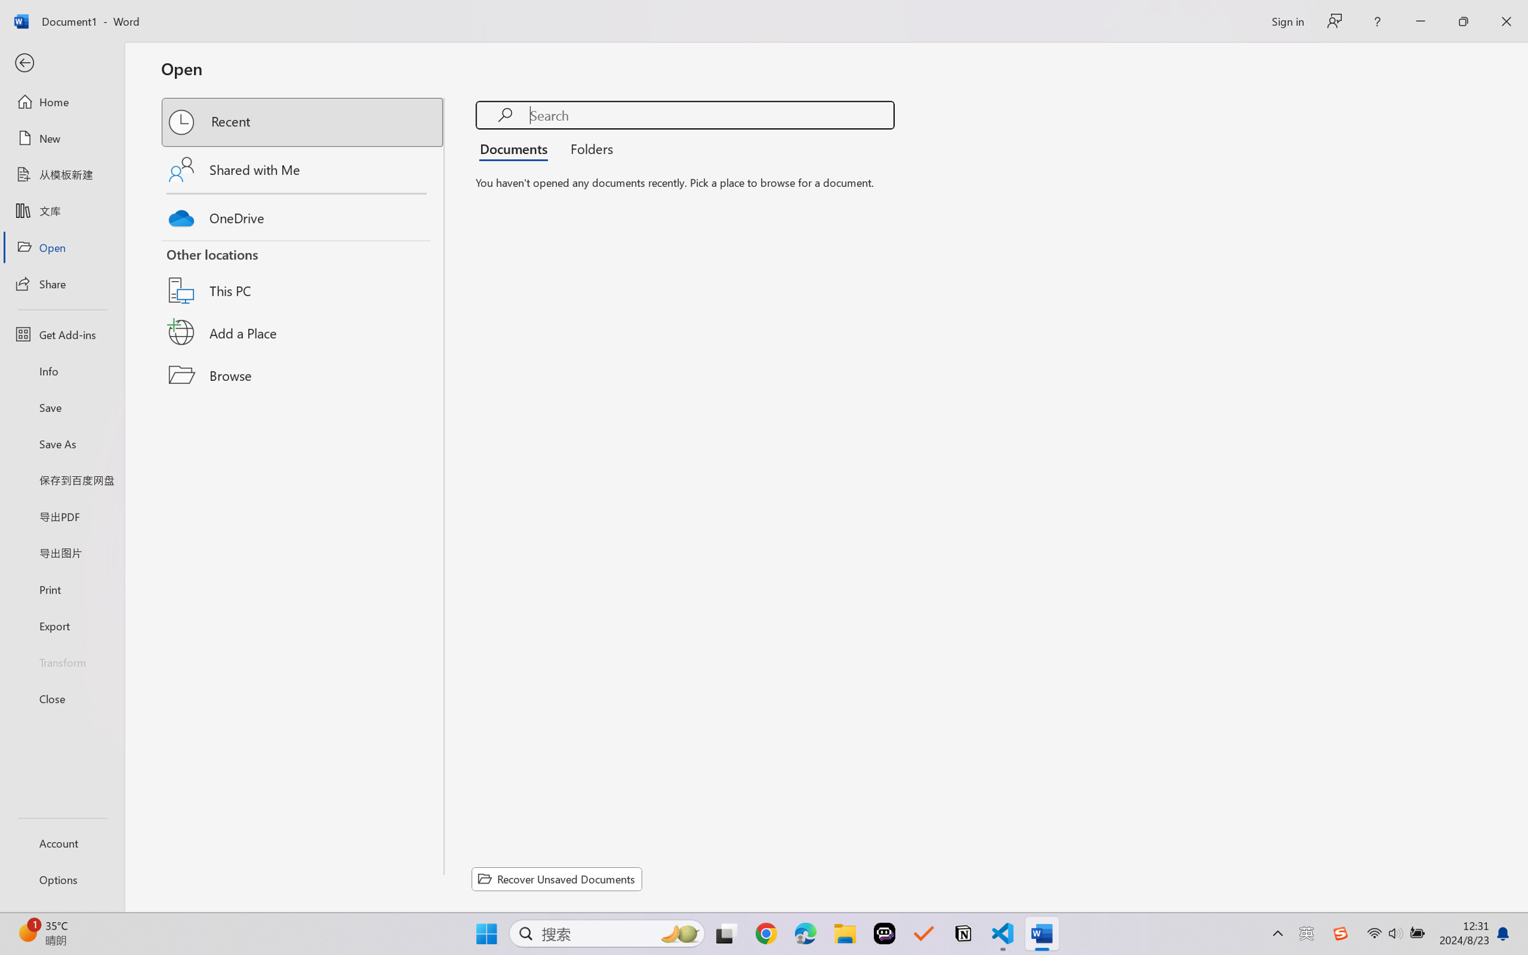 Image resolution: width=1528 pixels, height=955 pixels. What do you see at coordinates (588, 147) in the screenshot?
I see `'Folders'` at bounding box center [588, 147].